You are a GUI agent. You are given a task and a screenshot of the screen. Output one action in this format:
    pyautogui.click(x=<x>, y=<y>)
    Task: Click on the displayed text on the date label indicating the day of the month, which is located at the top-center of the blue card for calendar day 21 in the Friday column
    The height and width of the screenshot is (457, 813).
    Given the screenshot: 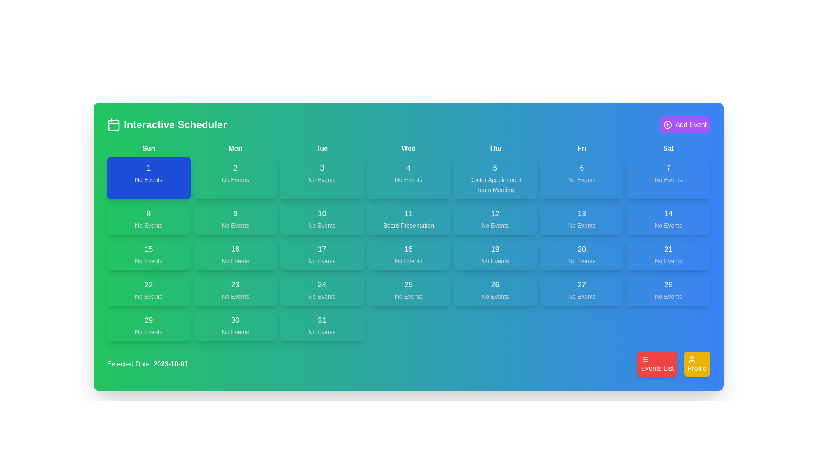 What is the action you would take?
    pyautogui.click(x=668, y=249)
    